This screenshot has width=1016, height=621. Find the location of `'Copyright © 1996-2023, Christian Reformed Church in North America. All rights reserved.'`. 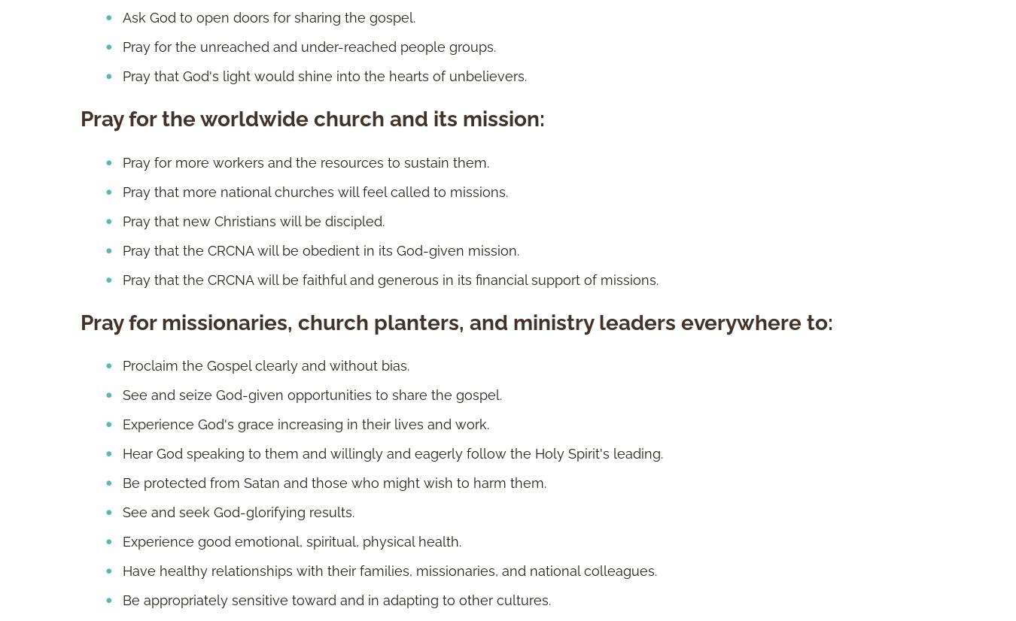

'Copyright © 1996-2023, Christian Reformed Church in North America. All rights reserved.' is located at coordinates (80, 146).